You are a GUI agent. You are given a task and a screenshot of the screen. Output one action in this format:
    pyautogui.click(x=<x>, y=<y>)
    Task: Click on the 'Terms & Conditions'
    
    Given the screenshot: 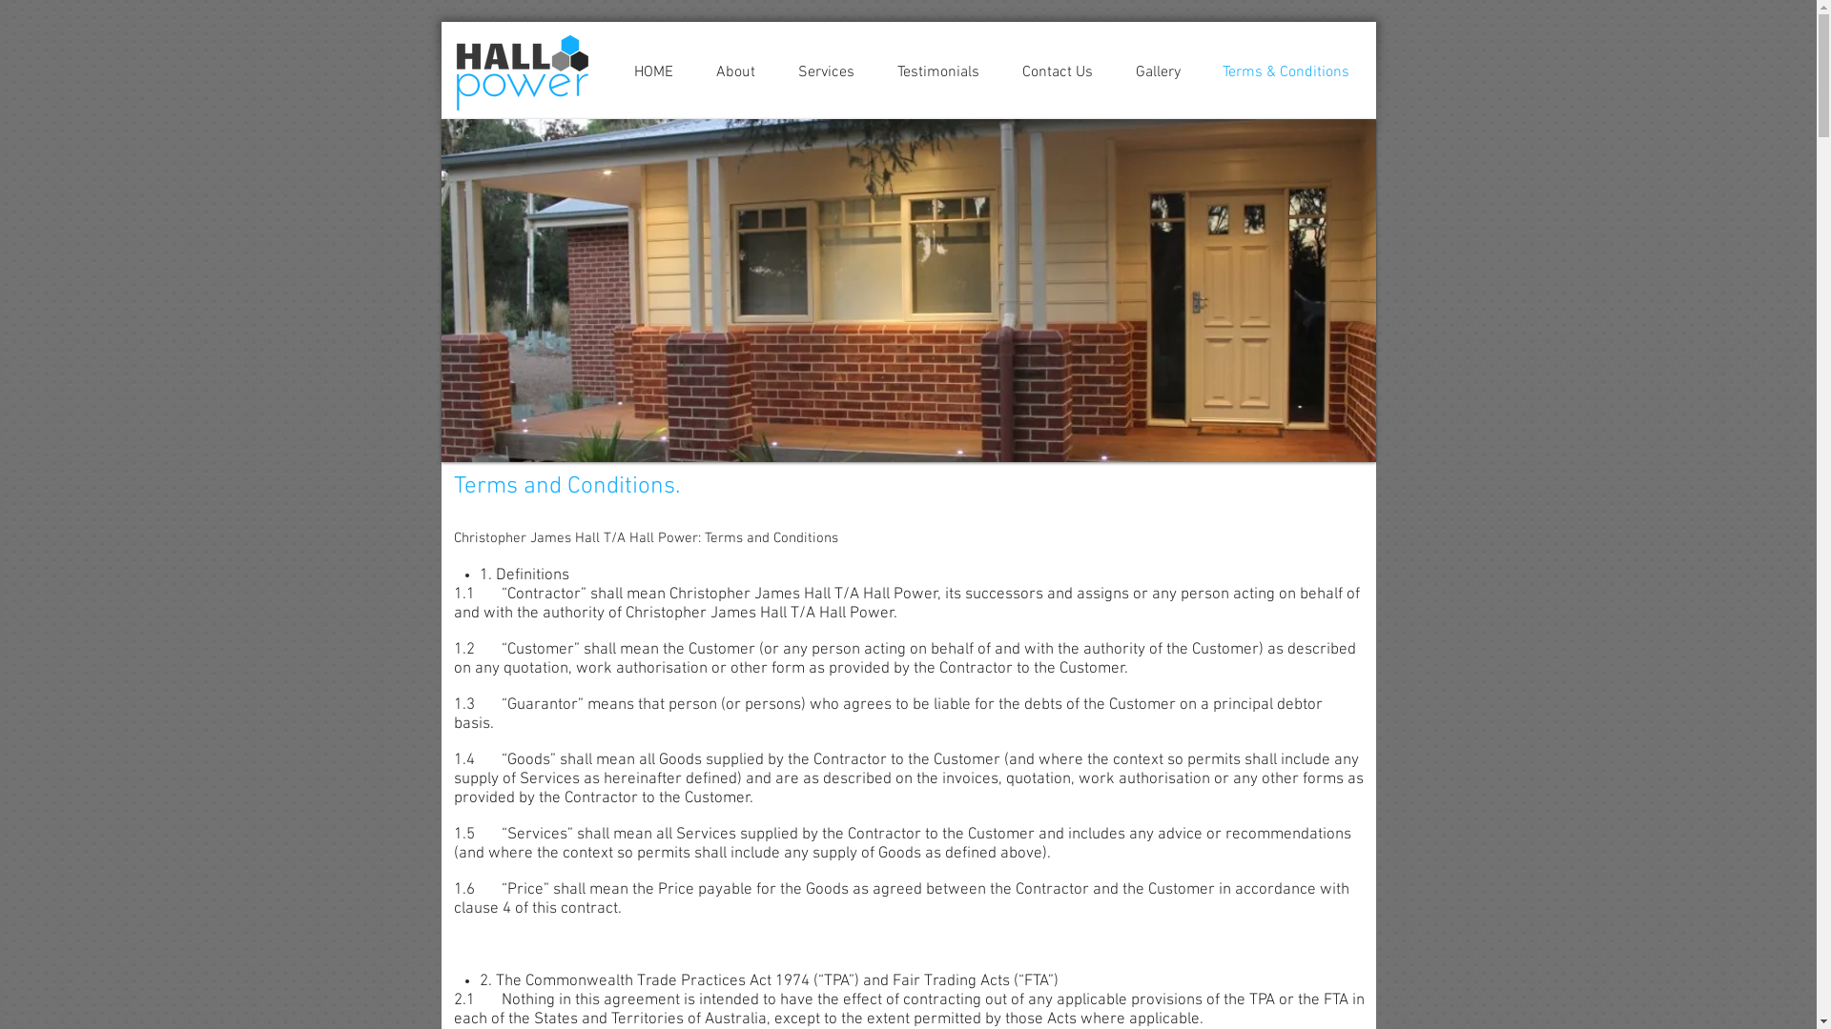 What is the action you would take?
    pyautogui.click(x=1286, y=71)
    